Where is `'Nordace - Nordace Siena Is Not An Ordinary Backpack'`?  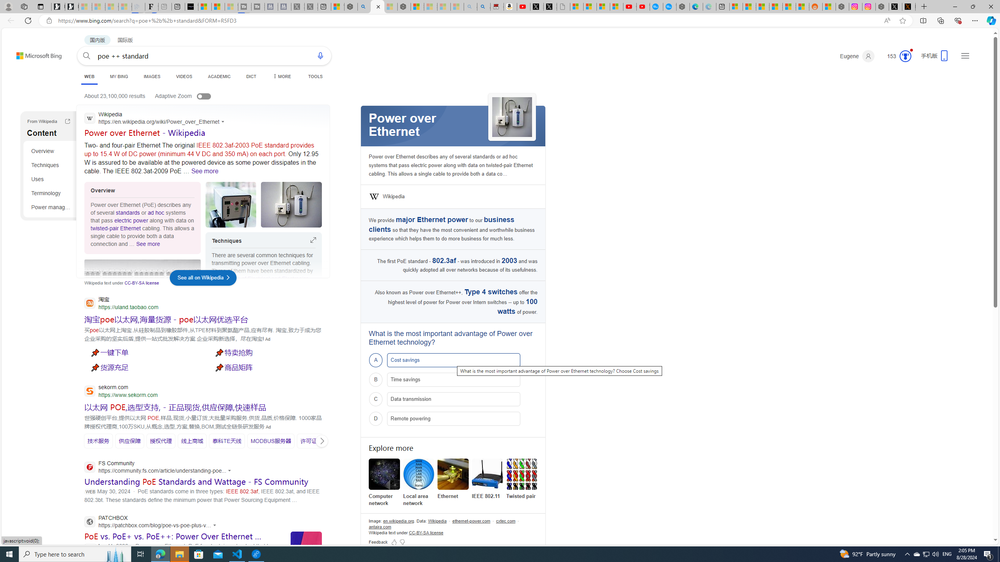 'Nordace - Nordace Siena Is Not An Ordinary Backpack' is located at coordinates (404, 6).